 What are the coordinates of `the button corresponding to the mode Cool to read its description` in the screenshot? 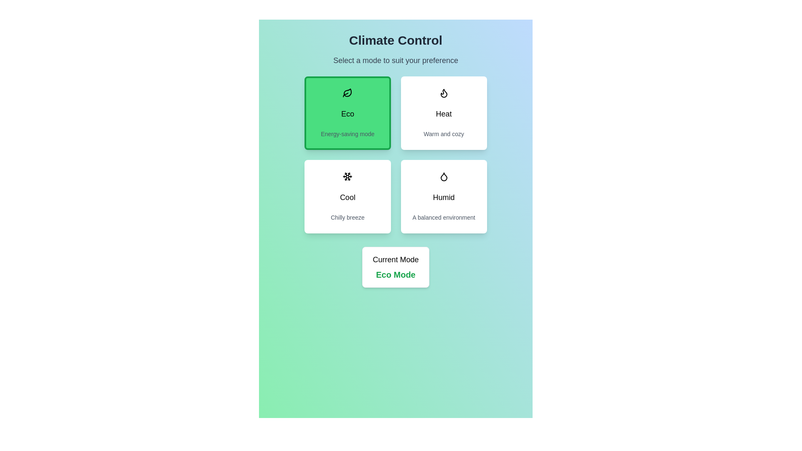 It's located at (348, 196).